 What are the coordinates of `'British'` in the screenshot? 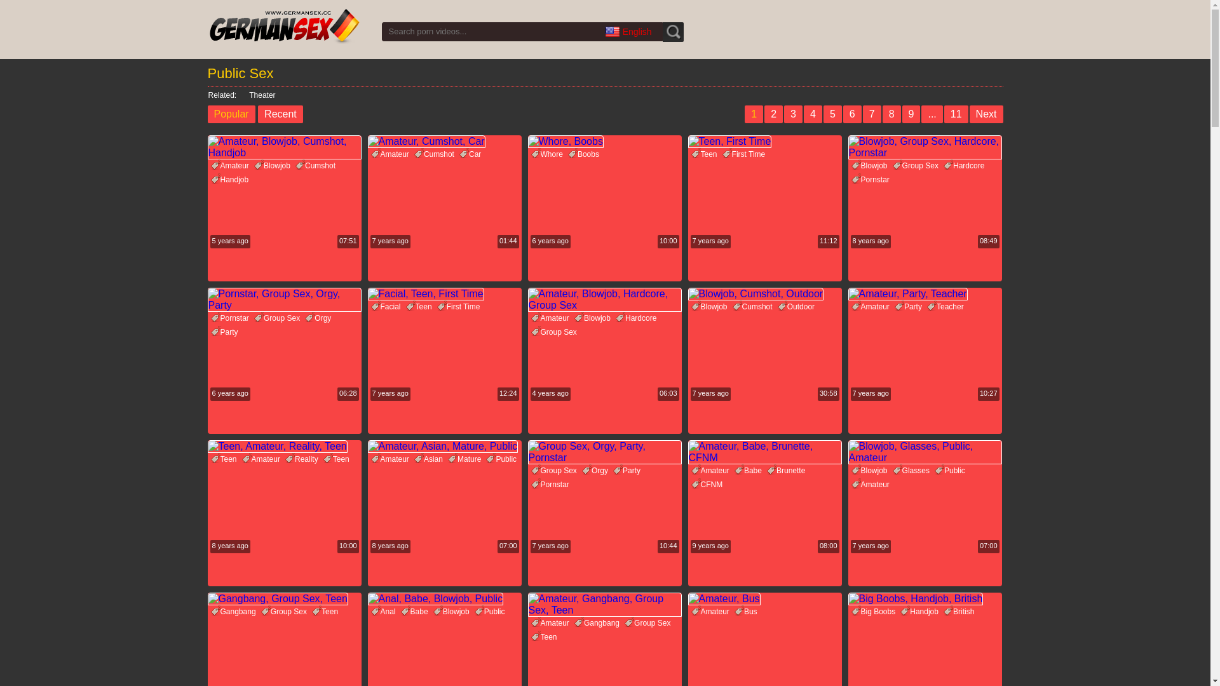 It's located at (960, 611).